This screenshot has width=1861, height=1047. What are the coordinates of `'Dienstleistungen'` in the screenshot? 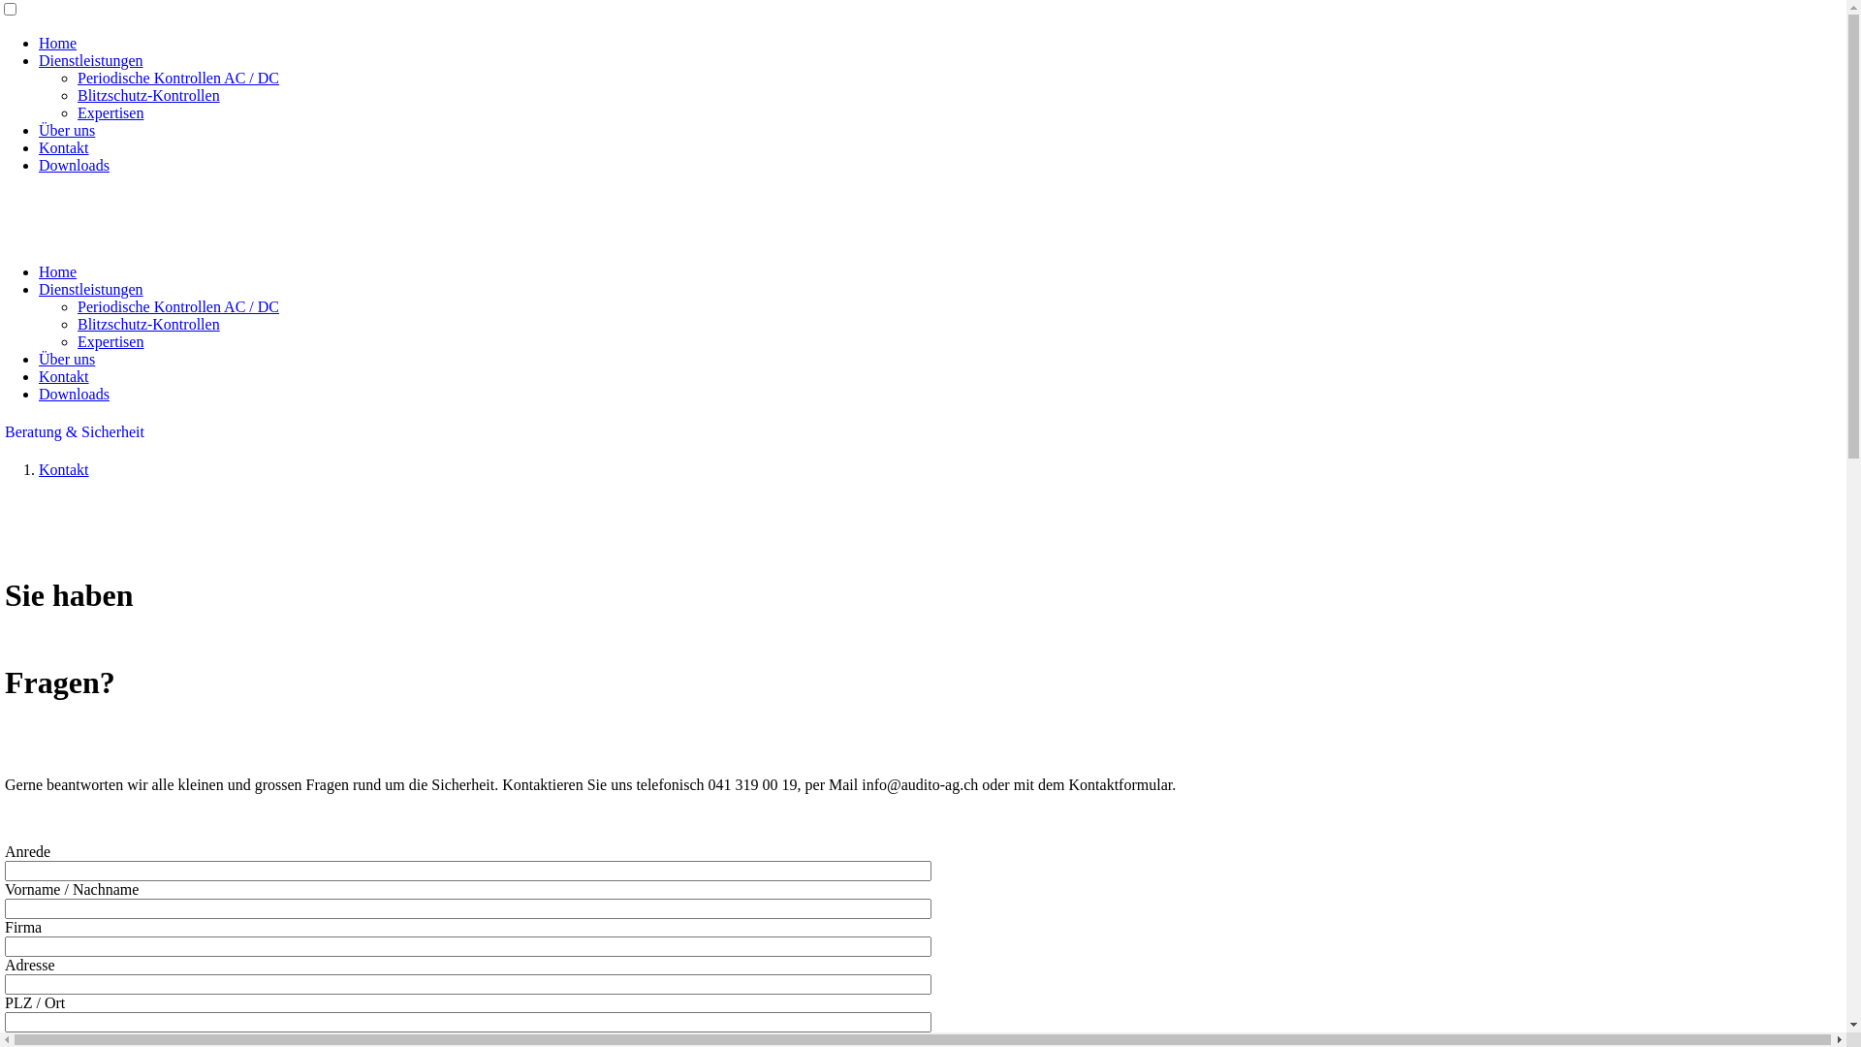 It's located at (90, 59).